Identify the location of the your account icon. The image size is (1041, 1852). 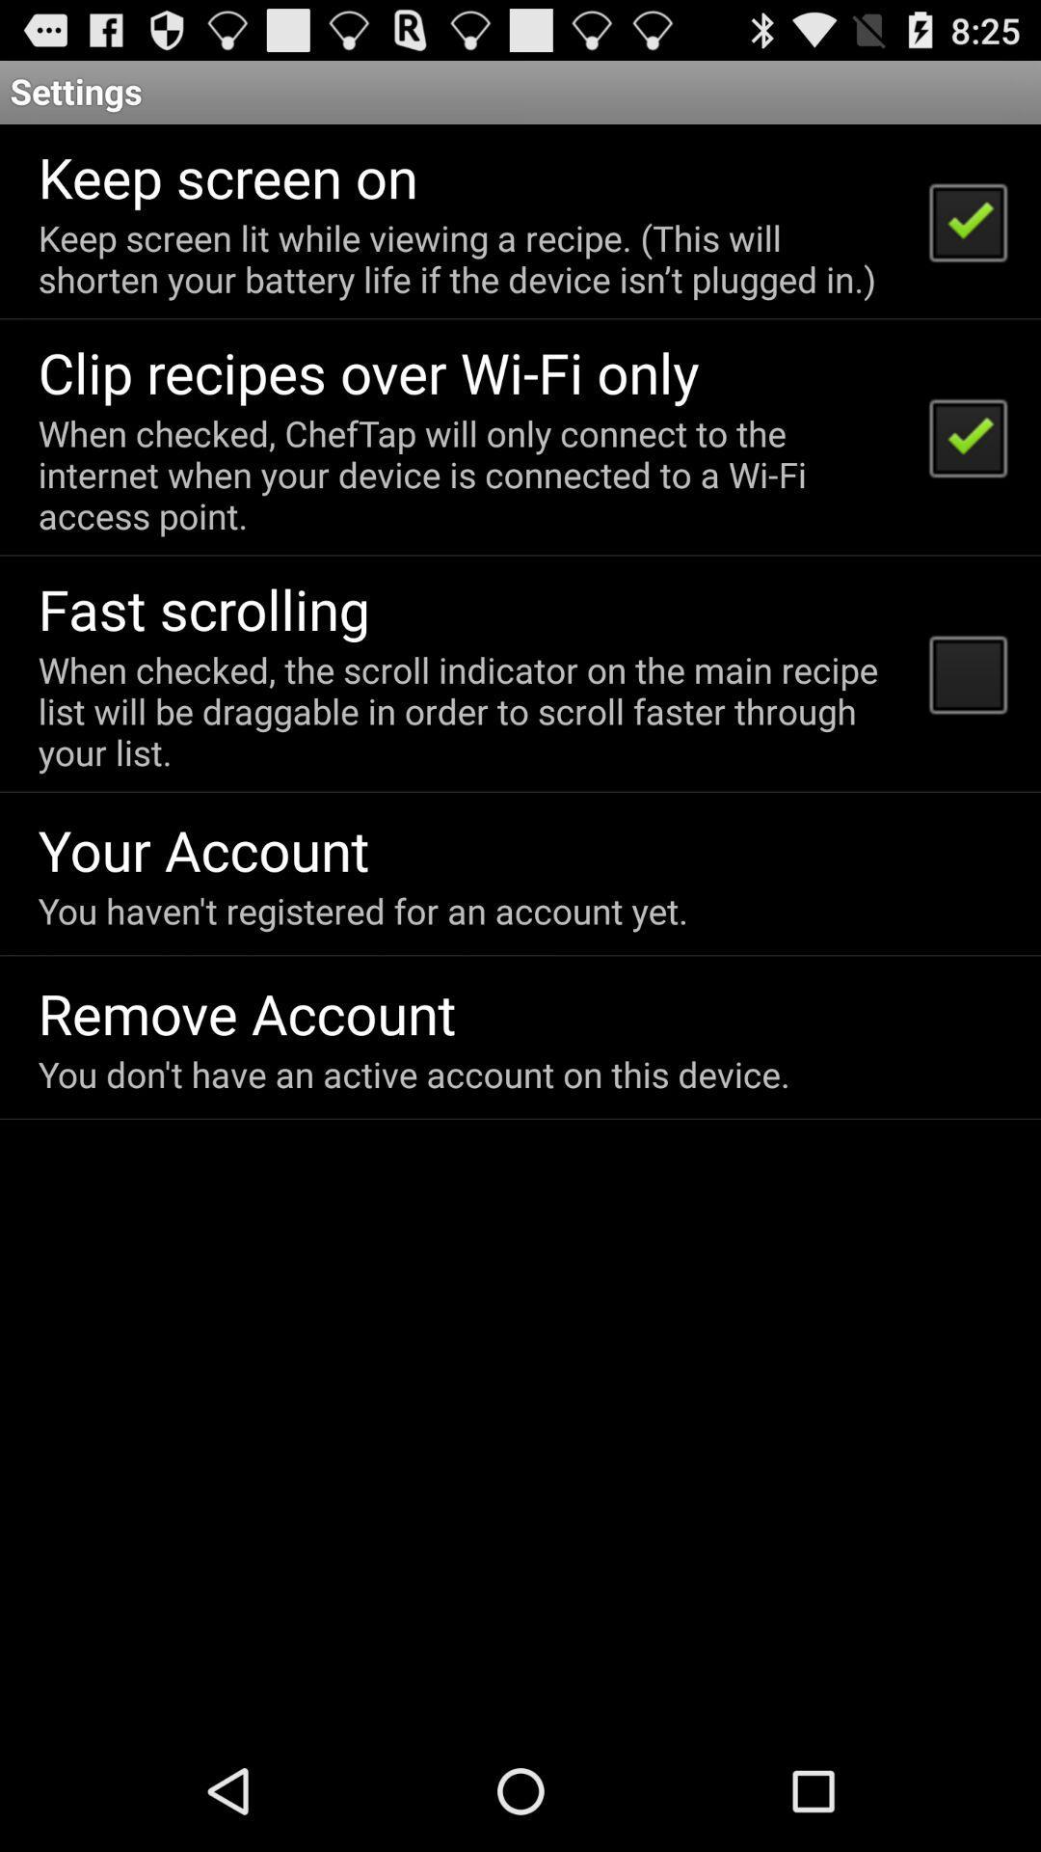
(203, 849).